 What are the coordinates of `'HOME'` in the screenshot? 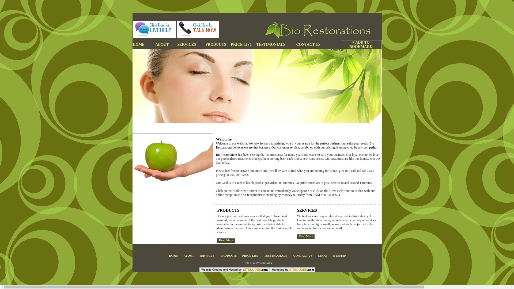 It's located at (173, 255).